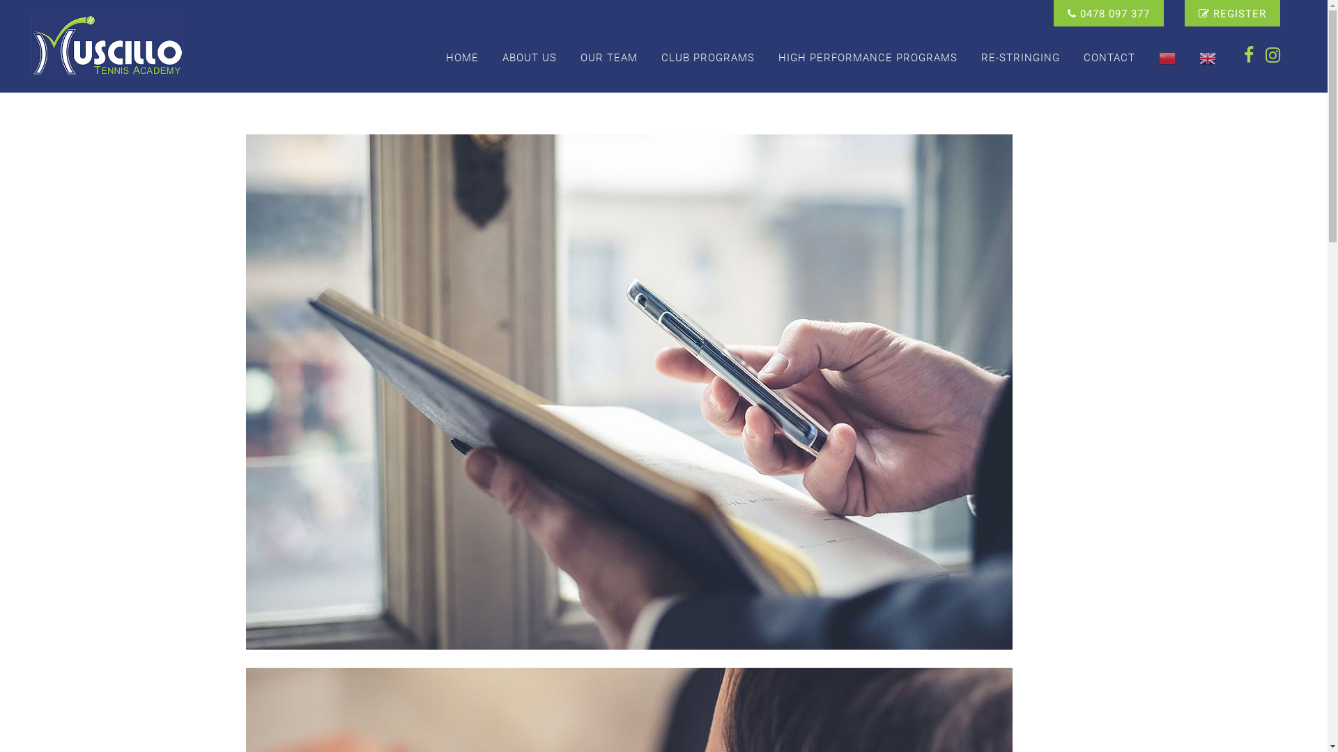  Describe the element at coordinates (708, 57) in the screenshot. I see `'CLUB PROGRAMS'` at that location.